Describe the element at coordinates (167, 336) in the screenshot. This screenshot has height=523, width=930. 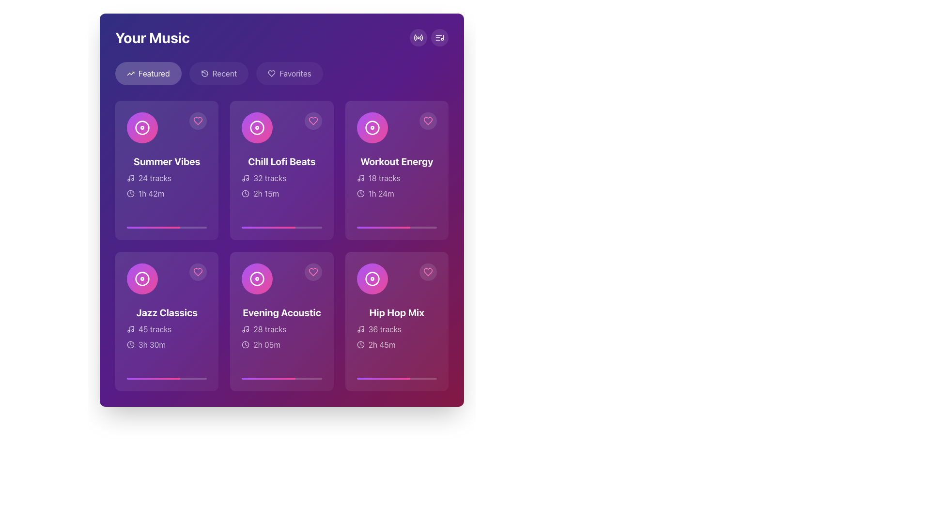
I see `text information displayed in the read-only informational label located at the bottom-left quadrant of the 'Jazz Classics' card, which shows the number of tracks and total duration` at that location.